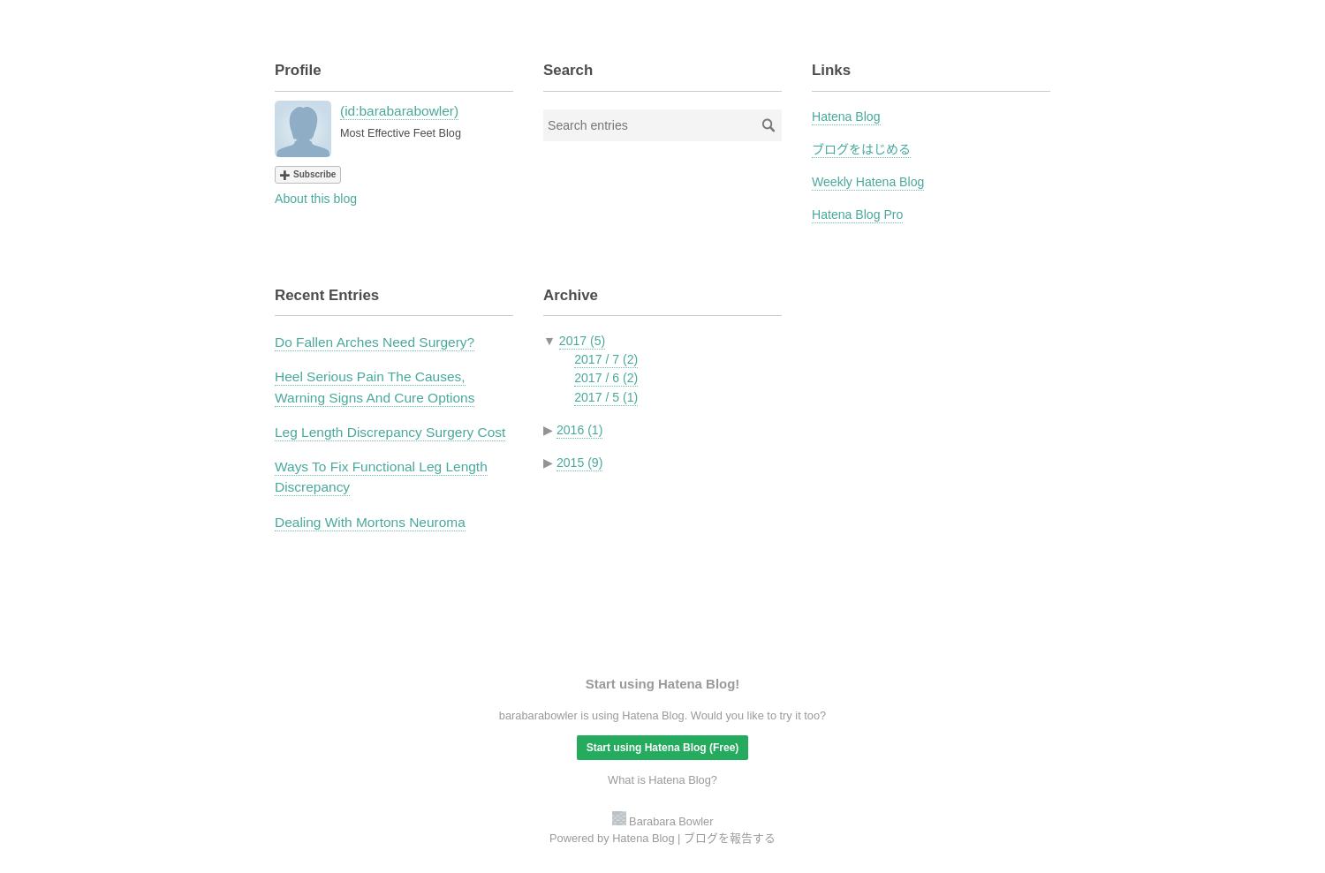 This screenshot has width=1325, height=873. I want to click on '(5)', so click(597, 341).